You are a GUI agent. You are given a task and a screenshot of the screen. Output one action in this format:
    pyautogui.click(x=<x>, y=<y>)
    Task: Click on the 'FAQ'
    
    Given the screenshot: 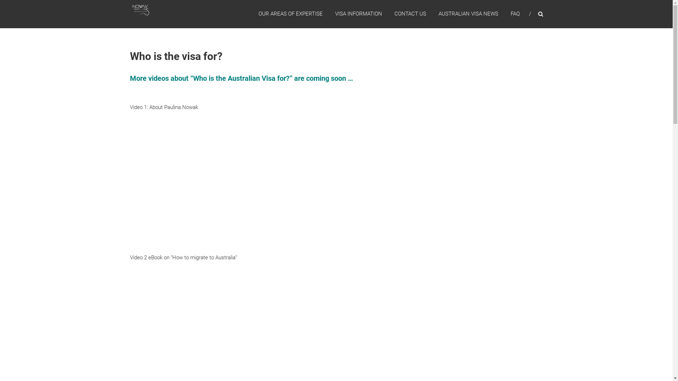 What is the action you would take?
    pyautogui.click(x=515, y=13)
    